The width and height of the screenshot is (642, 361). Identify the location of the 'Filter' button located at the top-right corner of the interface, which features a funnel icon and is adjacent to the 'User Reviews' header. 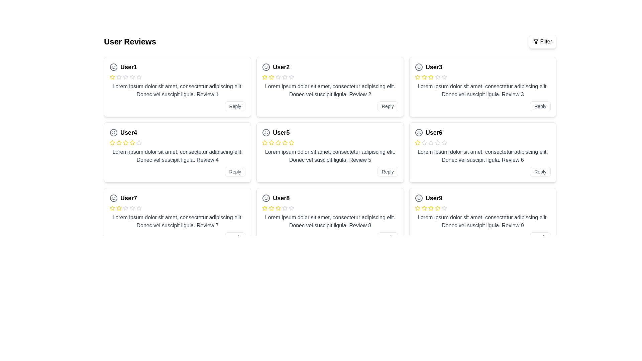
(543, 41).